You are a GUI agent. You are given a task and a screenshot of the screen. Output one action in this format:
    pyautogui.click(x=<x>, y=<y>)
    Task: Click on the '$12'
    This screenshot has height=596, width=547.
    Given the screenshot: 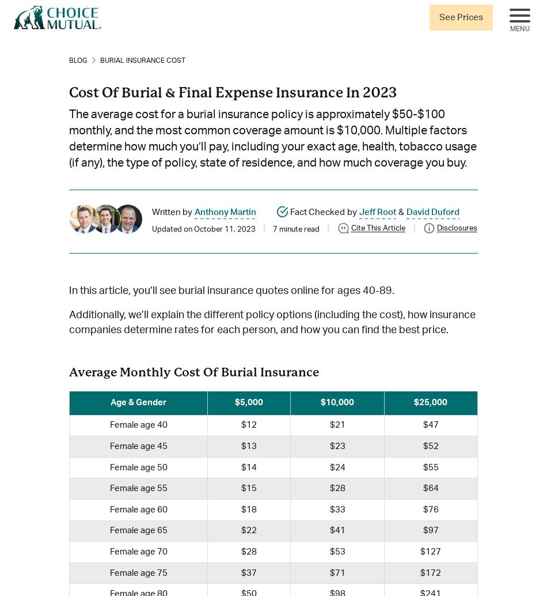 What is the action you would take?
    pyautogui.click(x=248, y=425)
    